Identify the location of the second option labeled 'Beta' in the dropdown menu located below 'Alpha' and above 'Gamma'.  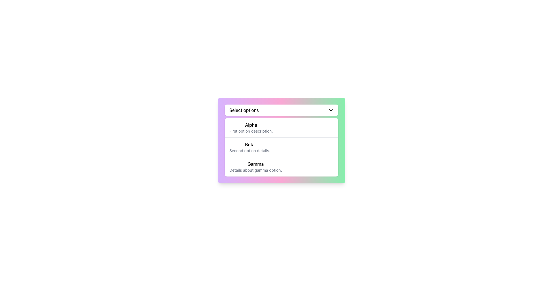
(282, 140).